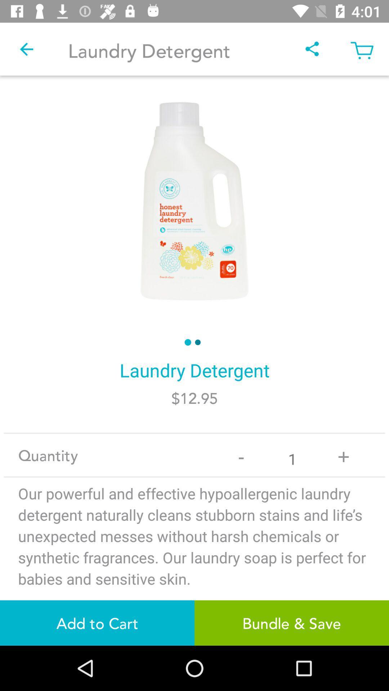  What do you see at coordinates (26, 49) in the screenshot?
I see `the icon at the top left corner` at bounding box center [26, 49].